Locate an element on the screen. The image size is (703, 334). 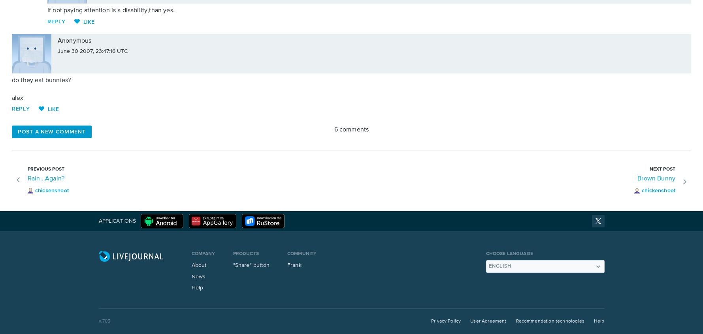
'Collapse' is located at coordinates (151, 51).